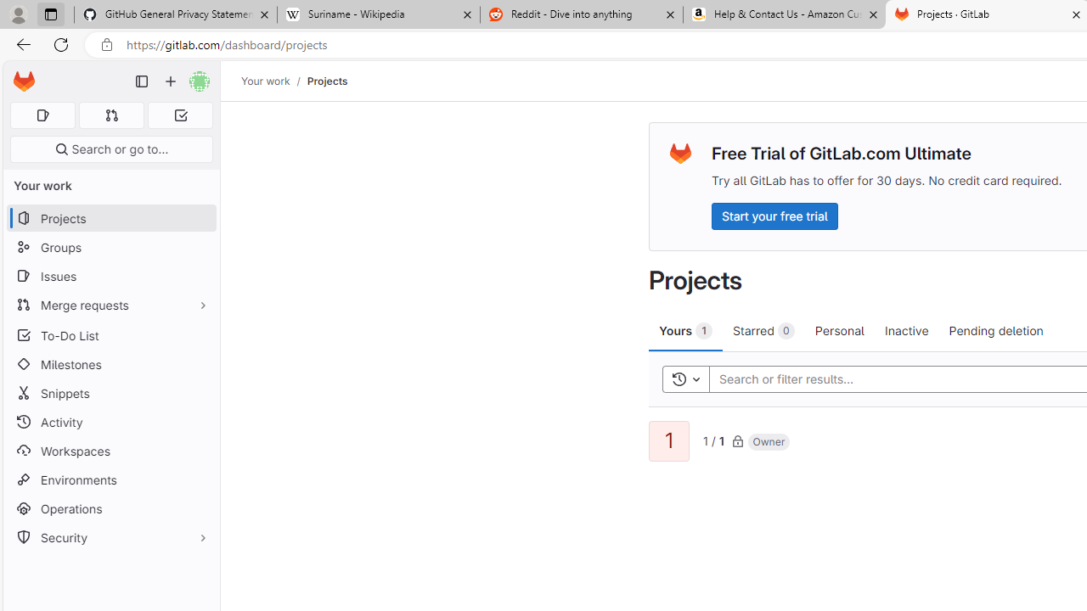 The image size is (1087, 611). I want to click on 'Groups', so click(110, 247).